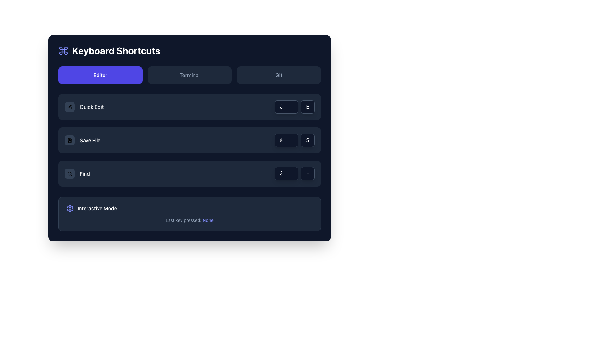 Image resolution: width=606 pixels, height=340 pixels. I want to click on the Key combination display indicating the '⌘' and 'S' keys for the 'Save File' action, located to the right of the 'Save File' label in the 'Keyboard Shortcuts' interface, so click(294, 140).